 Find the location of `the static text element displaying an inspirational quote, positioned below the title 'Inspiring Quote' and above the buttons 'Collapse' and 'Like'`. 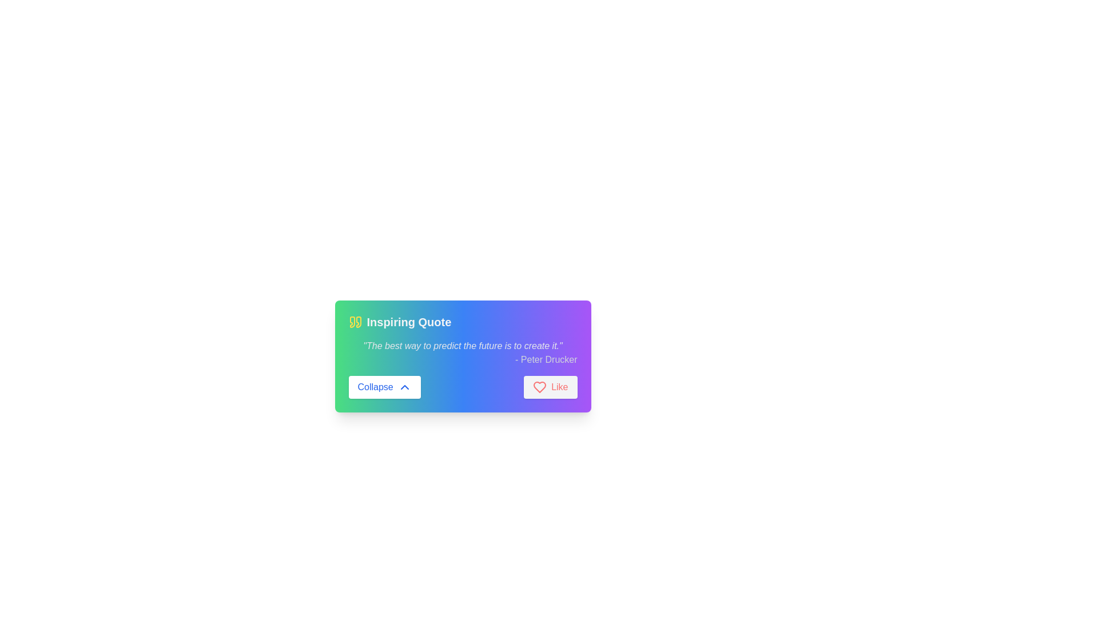

the static text element displaying an inspirational quote, positioned below the title 'Inspiring Quote' and above the buttons 'Collapse' and 'Like' is located at coordinates (463, 352).